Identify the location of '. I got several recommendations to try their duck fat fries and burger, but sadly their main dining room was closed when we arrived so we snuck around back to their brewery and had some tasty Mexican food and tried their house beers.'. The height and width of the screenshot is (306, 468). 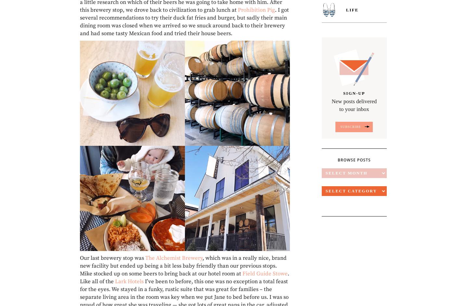
(184, 21).